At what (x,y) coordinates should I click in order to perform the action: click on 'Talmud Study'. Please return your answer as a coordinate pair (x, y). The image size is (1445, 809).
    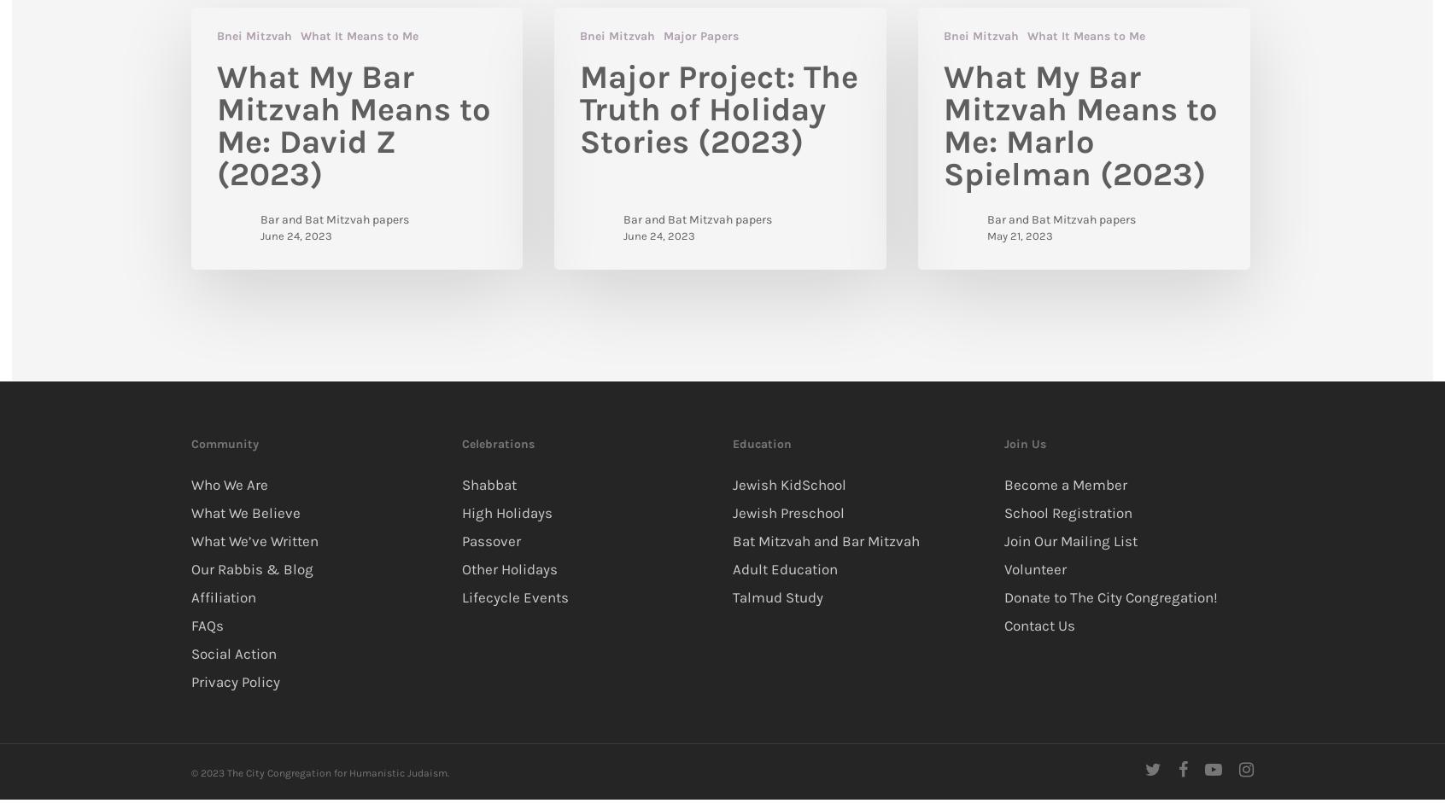
    Looking at the image, I should click on (776, 595).